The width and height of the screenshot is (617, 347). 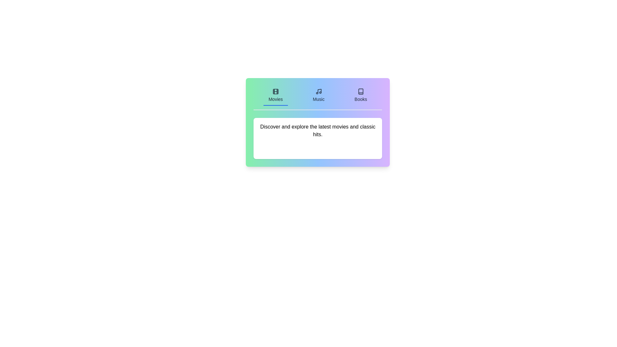 What do you see at coordinates (318, 95) in the screenshot?
I see `the Music tab` at bounding box center [318, 95].